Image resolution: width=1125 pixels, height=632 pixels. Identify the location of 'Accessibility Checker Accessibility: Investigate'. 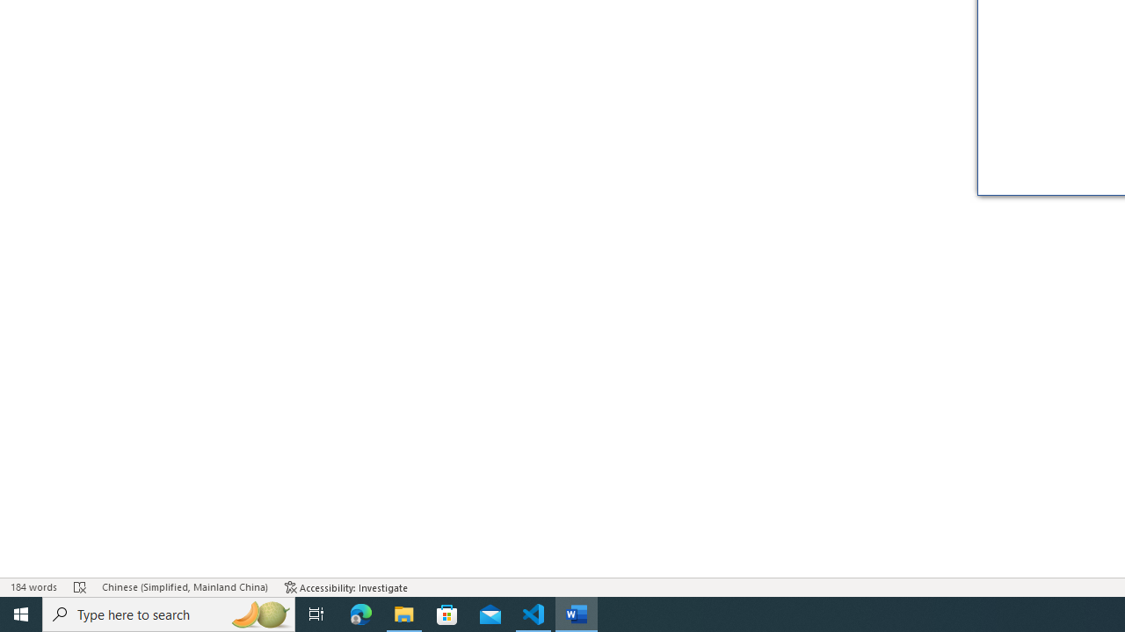
(346, 587).